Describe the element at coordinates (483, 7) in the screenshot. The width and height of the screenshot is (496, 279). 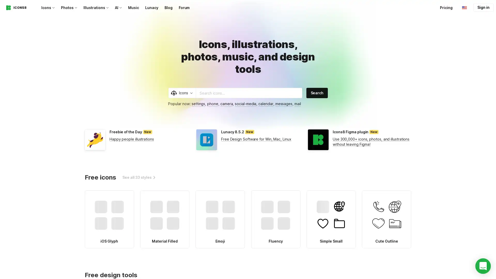
I see `Sign in` at that location.